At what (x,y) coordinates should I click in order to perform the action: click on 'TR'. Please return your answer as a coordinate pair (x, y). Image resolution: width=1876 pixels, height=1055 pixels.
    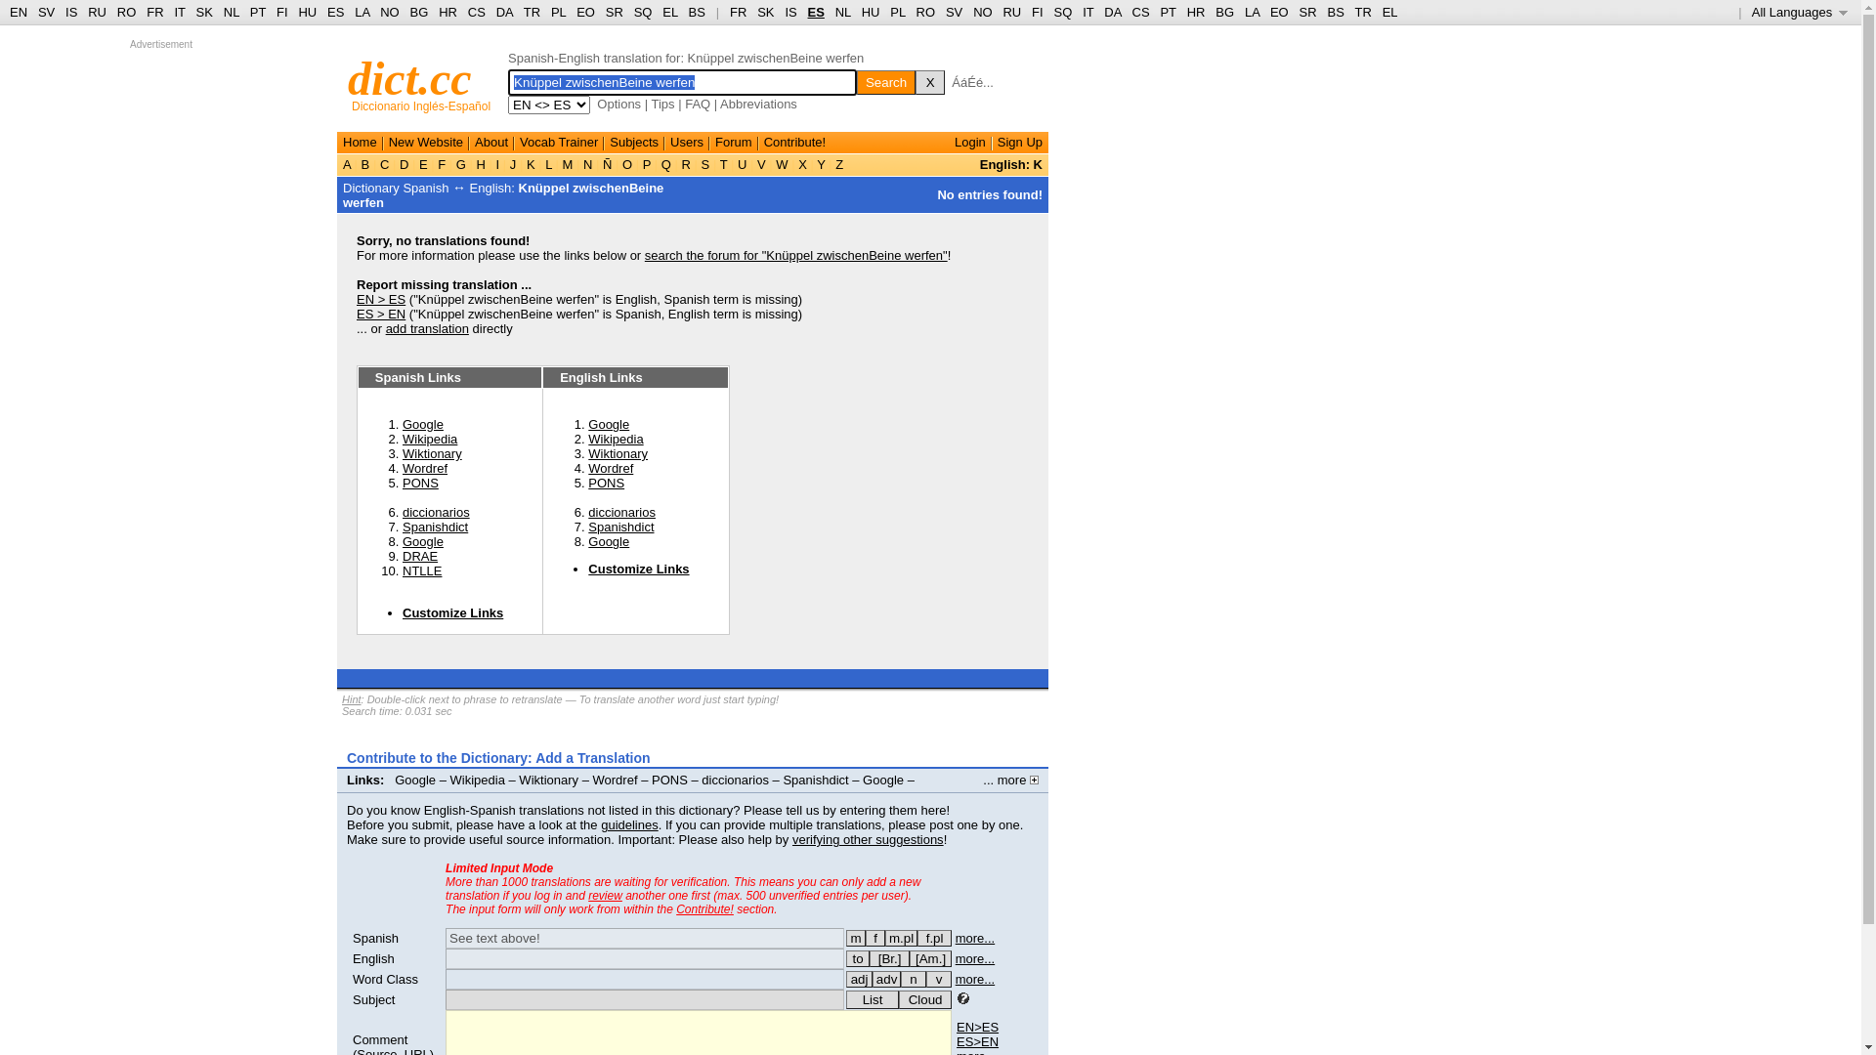
    Looking at the image, I should click on (532, 12).